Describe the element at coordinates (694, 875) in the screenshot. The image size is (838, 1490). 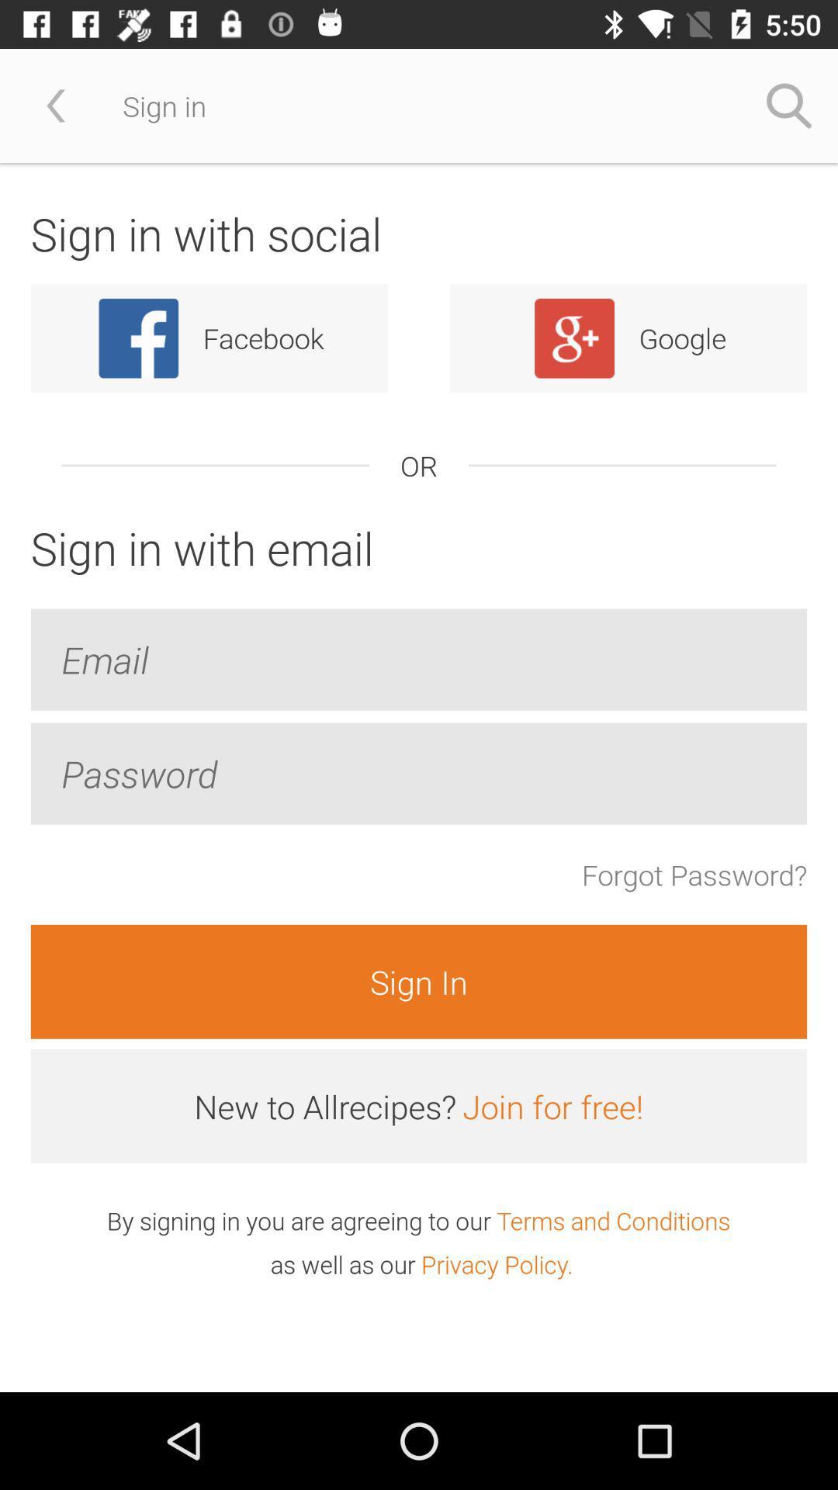
I see `the forgot password? icon` at that location.